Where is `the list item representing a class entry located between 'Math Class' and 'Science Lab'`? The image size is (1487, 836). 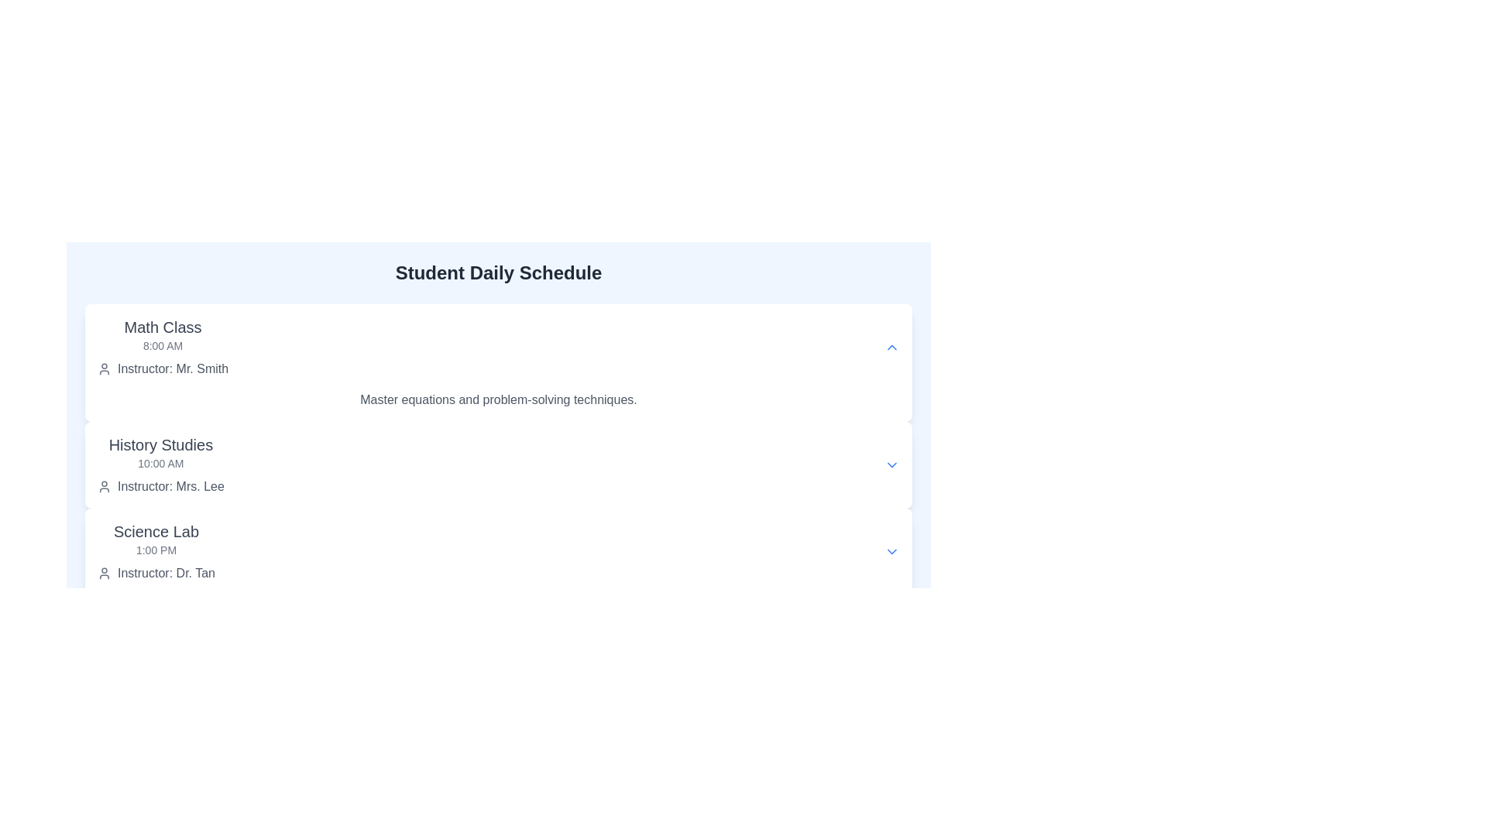 the list item representing a class entry located between 'Math Class' and 'Science Lab' is located at coordinates (160, 464).